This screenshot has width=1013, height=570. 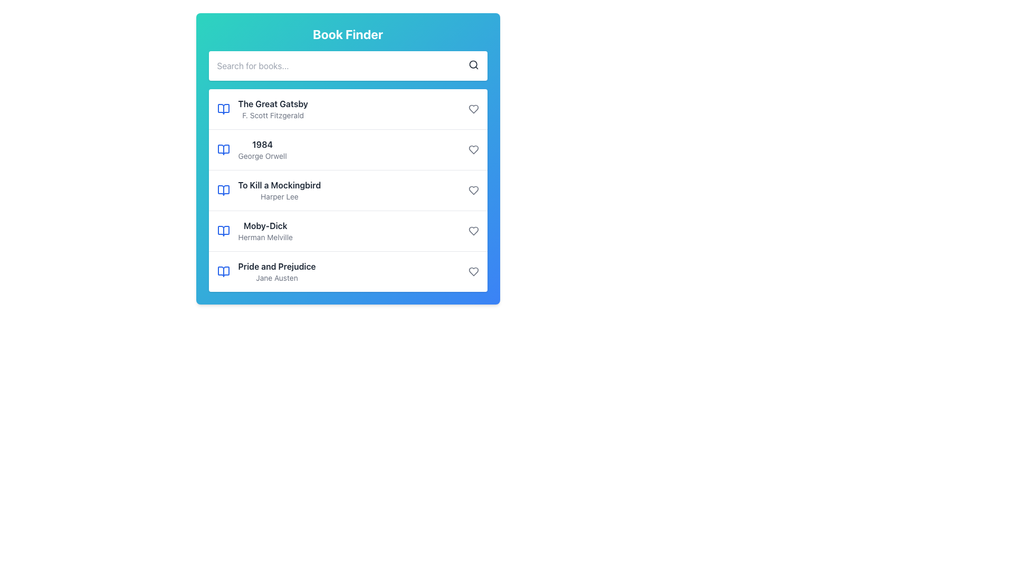 I want to click on title '1984' from the text label displayed in a bold font, which is the first entry in a list of book titles, so click(x=262, y=144).